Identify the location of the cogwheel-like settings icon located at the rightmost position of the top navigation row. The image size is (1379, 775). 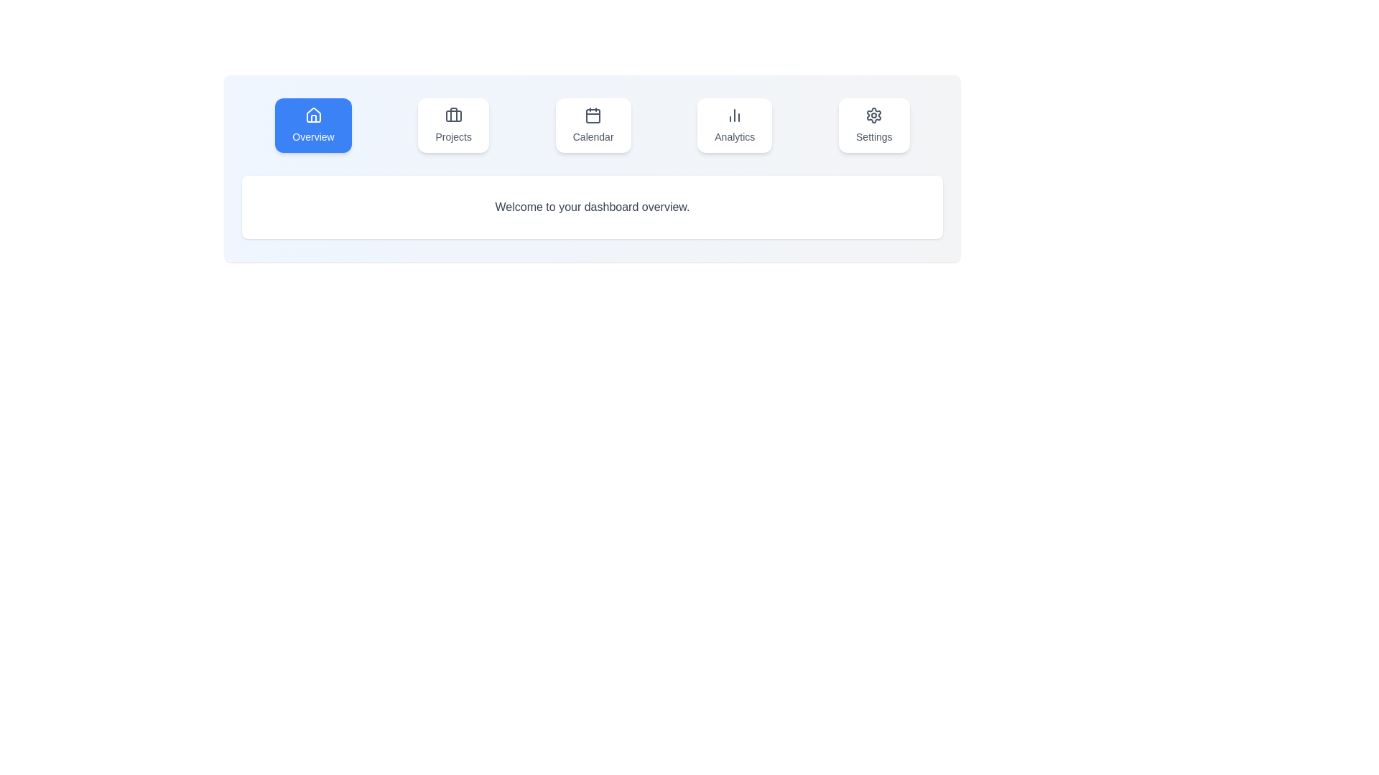
(873, 115).